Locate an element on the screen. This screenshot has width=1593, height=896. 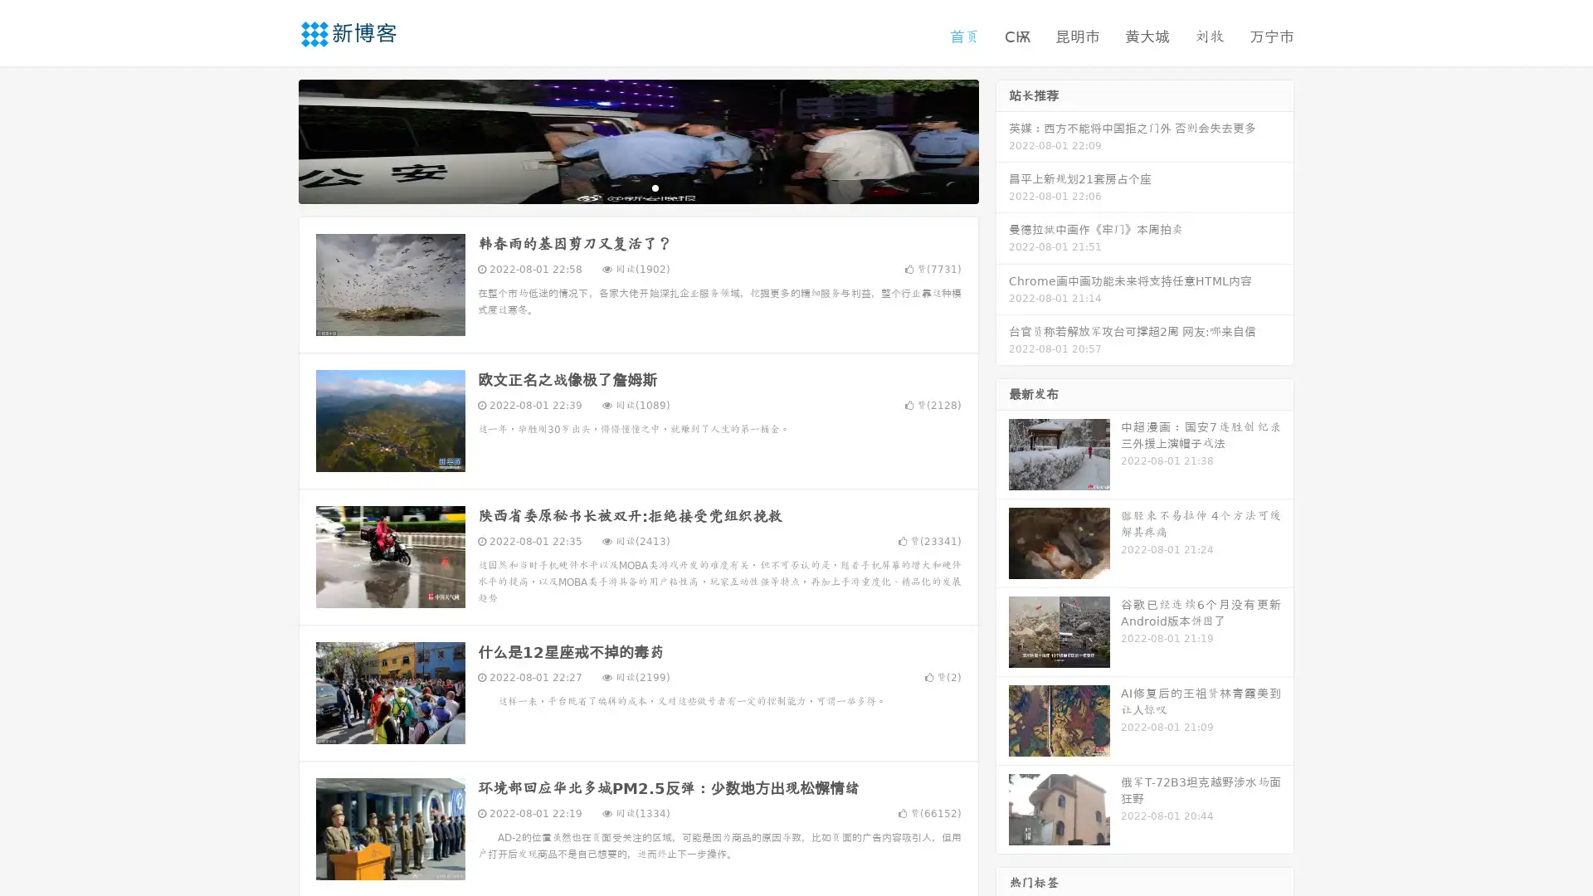
Go to slide 3 is located at coordinates (655, 187).